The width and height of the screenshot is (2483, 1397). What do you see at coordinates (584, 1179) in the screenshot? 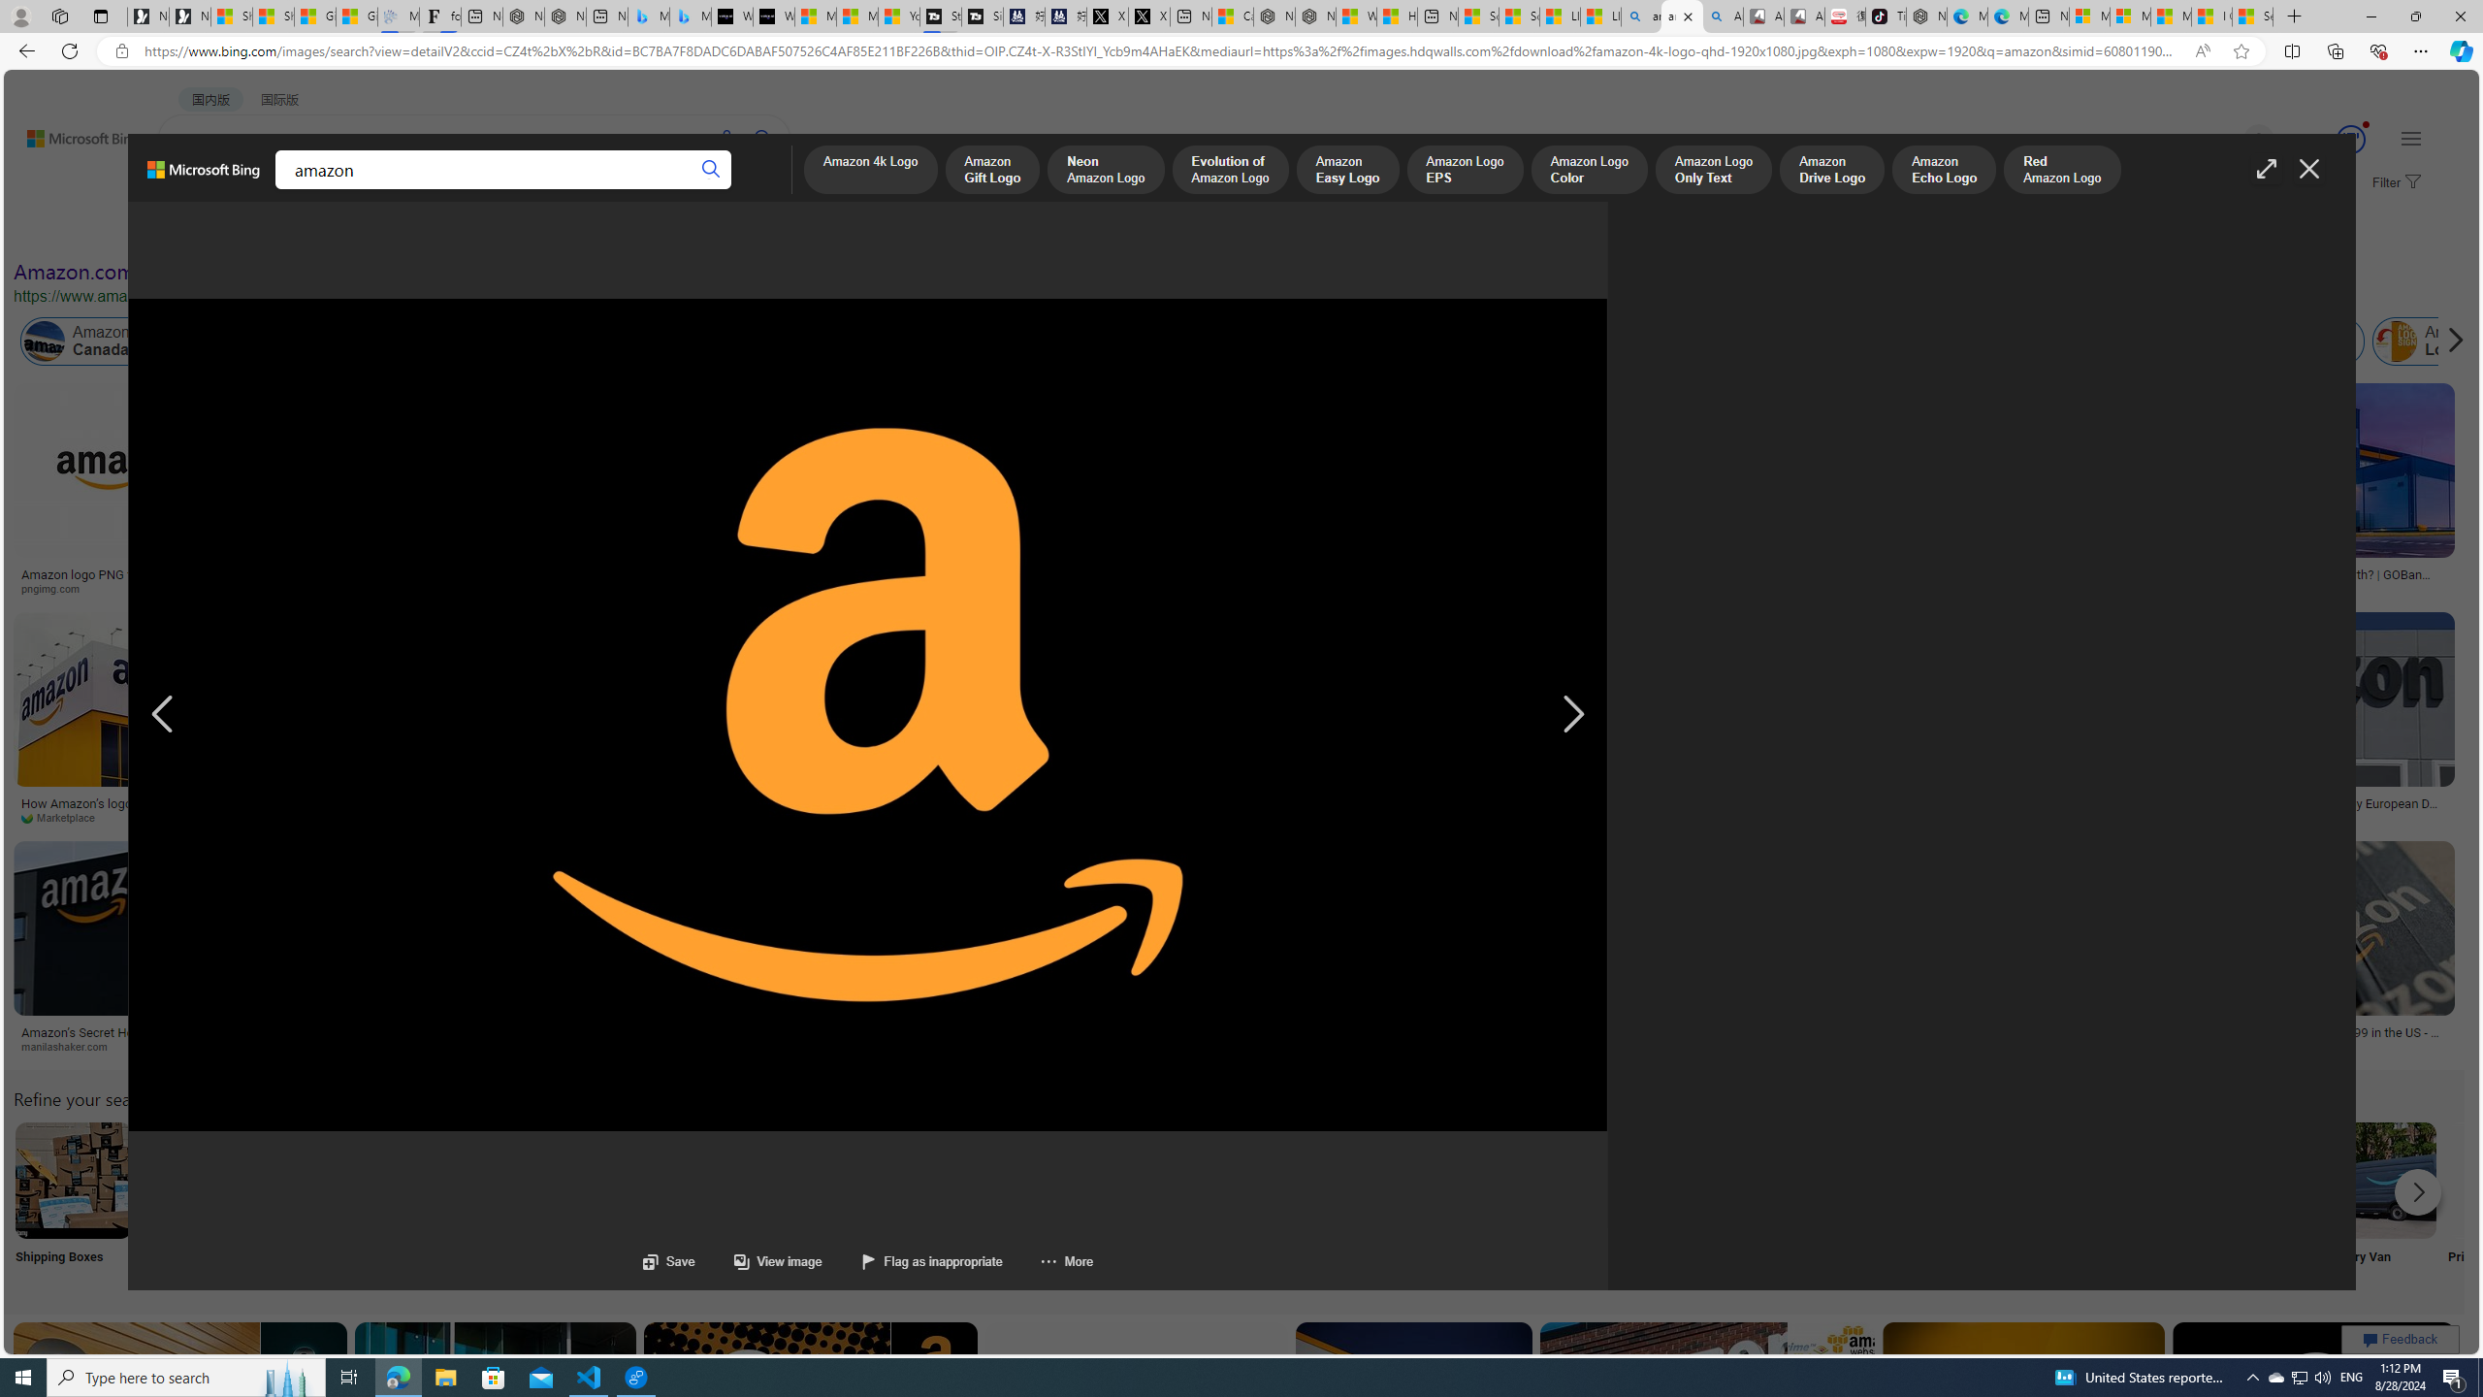
I see `'Amazon Jobs Near Me'` at bounding box center [584, 1179].